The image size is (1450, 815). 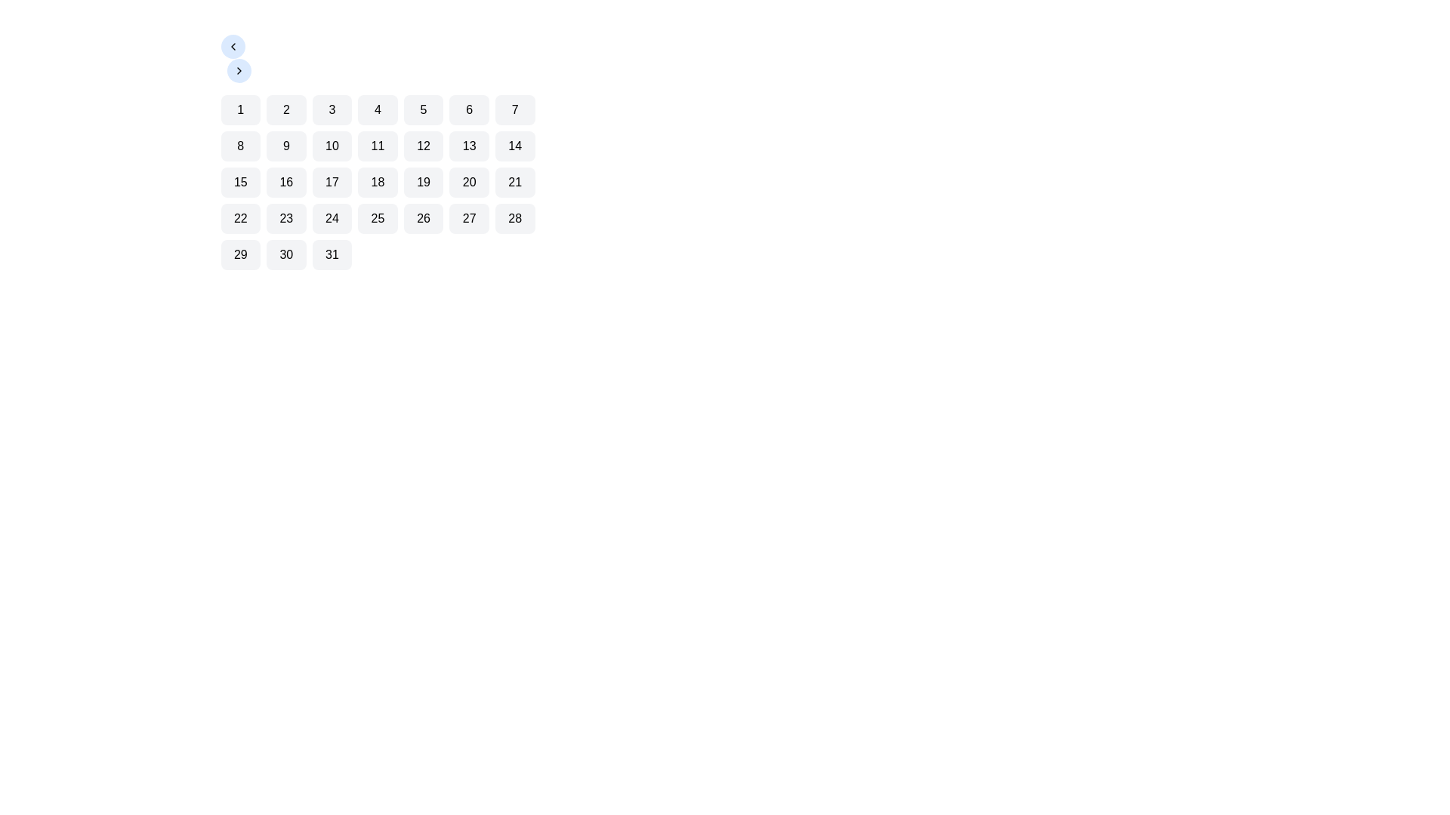 What do you see at coordinates (286, 109) in the screenshot?
I see `the second selectable grid item in the first row` at bounding box center [286, 109].